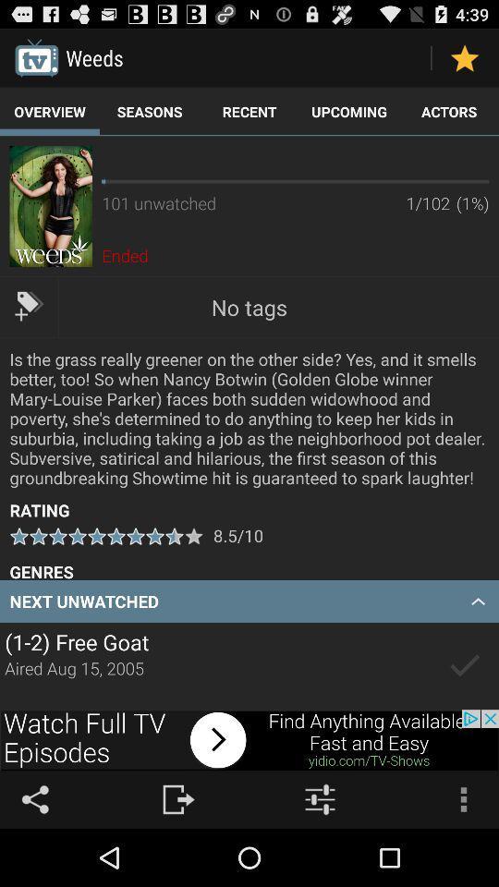  What do you see at coordinates (51, 206) in the screenshot?
I see `advertisement image` at bounding box center [51, 206].